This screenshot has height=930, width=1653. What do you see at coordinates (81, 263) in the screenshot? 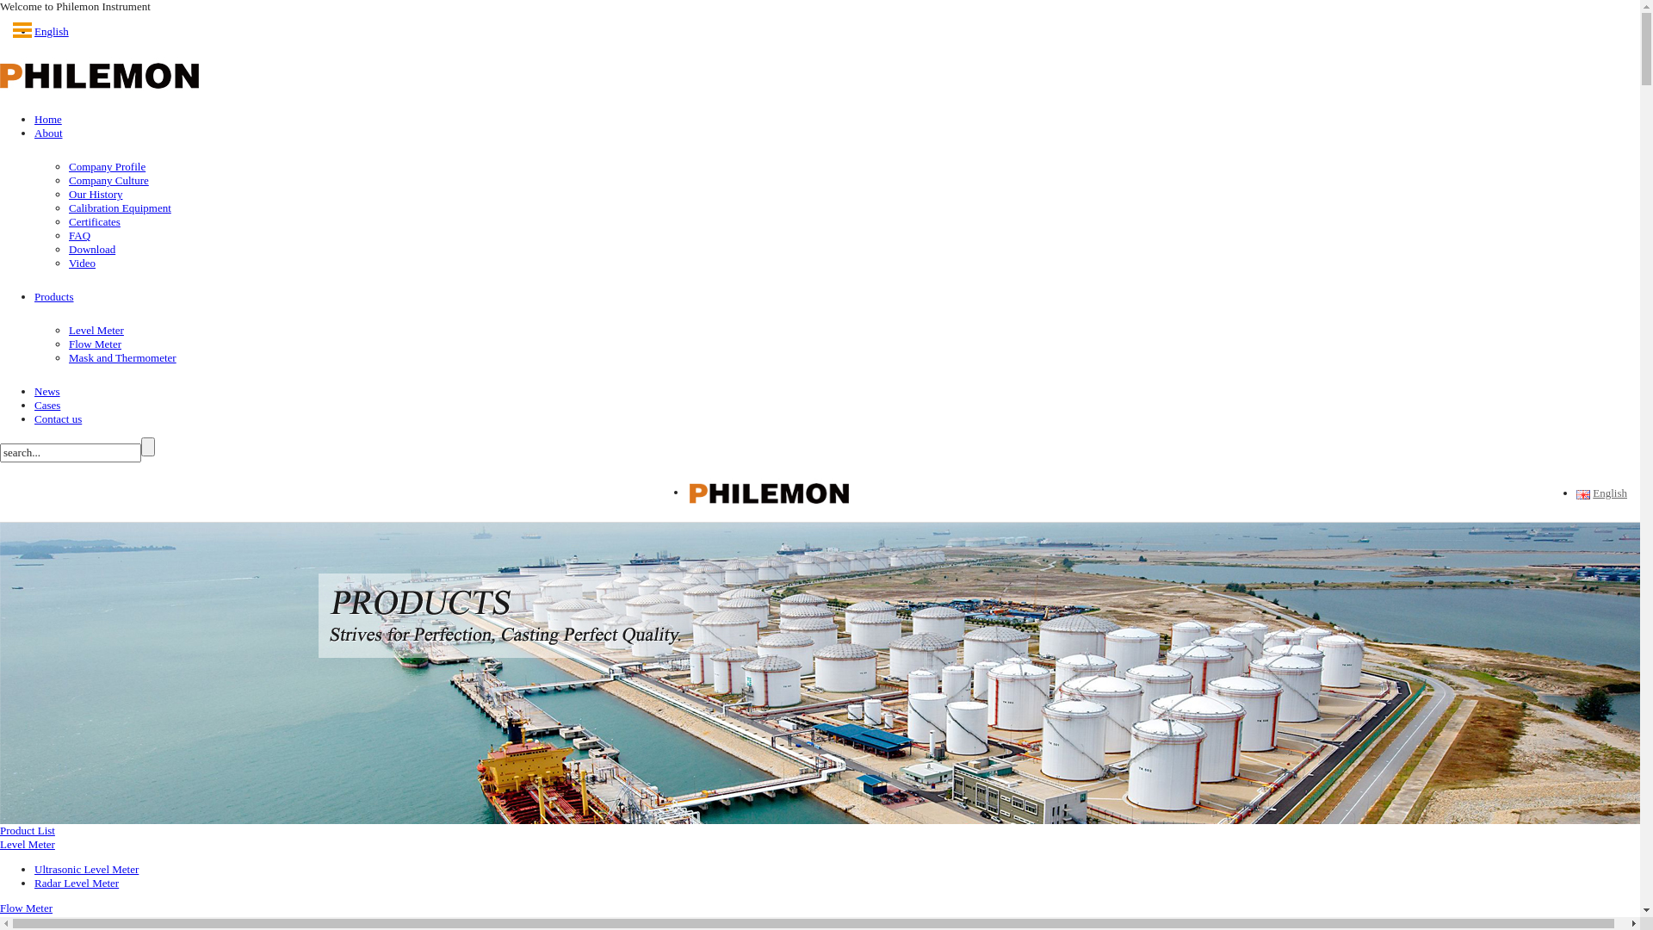
I see `'Video'` at bounding box center [81, 263].